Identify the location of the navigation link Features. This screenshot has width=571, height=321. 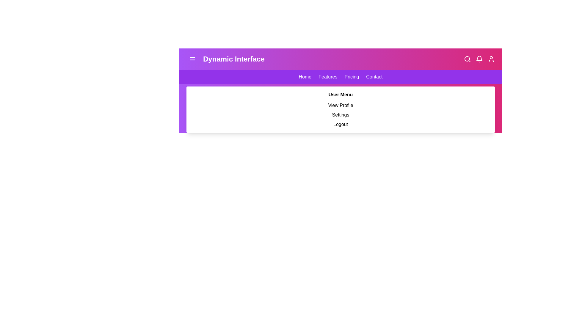
(327, 76).